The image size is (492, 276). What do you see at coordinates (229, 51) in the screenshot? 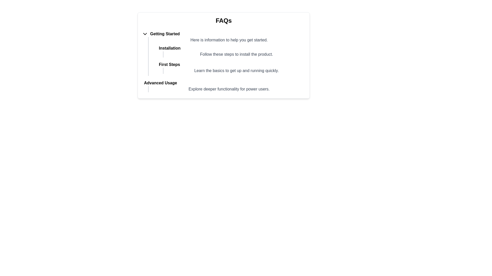
I see `text content from the Text Block located in the 'Getting Started' section under the 'Installation' subsection, which provides information about the installation process` at bounding box center [229, 51].